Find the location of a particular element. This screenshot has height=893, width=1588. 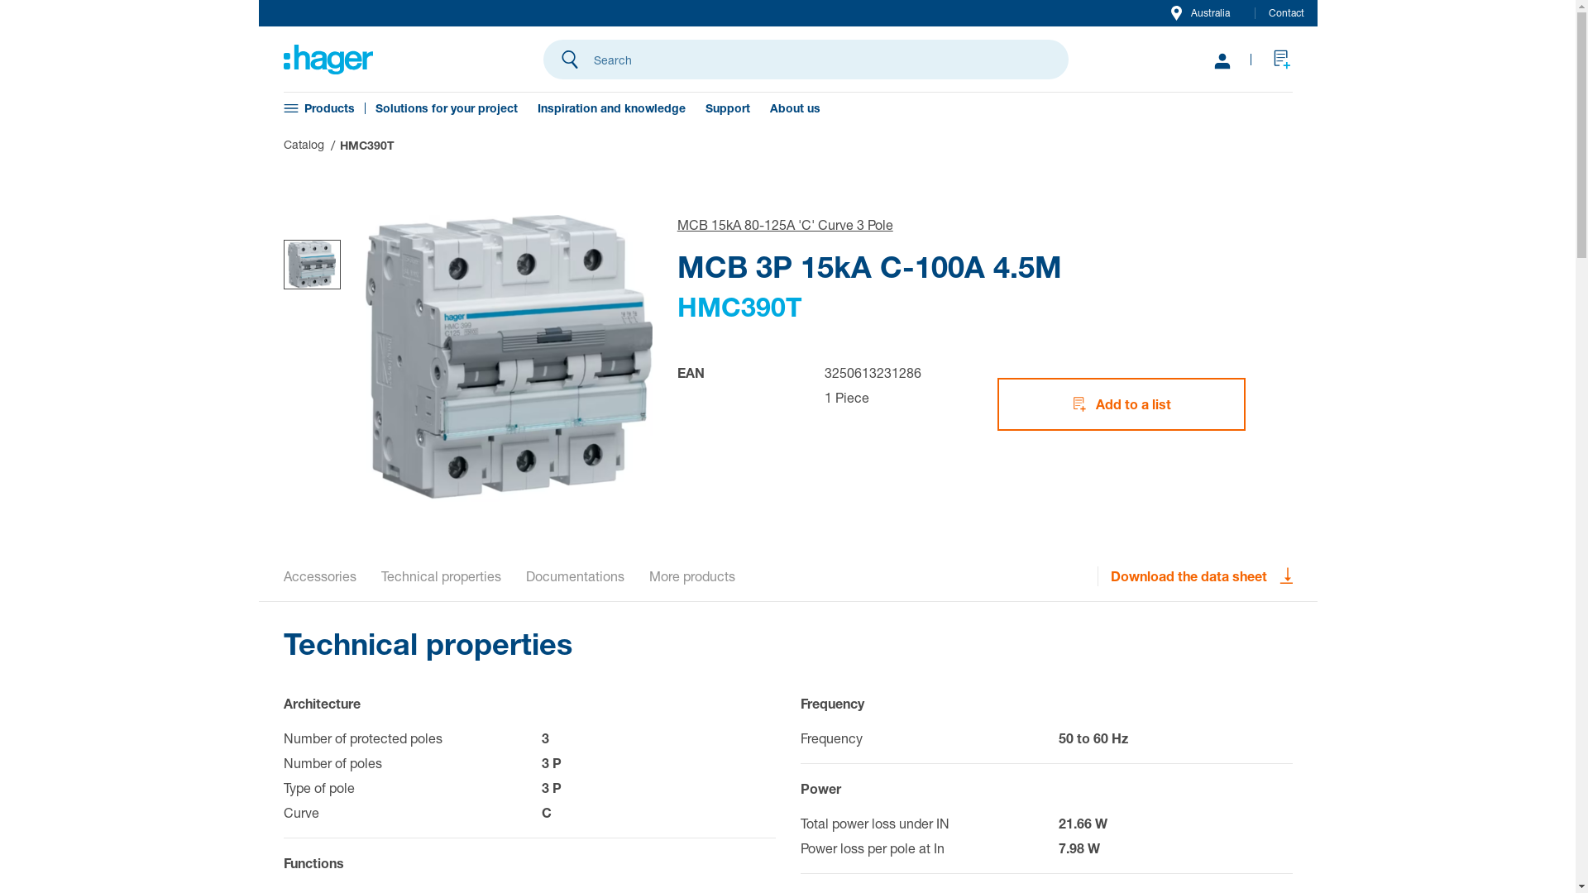

'Download the data sheet' is located at coordinates (1201, 575).